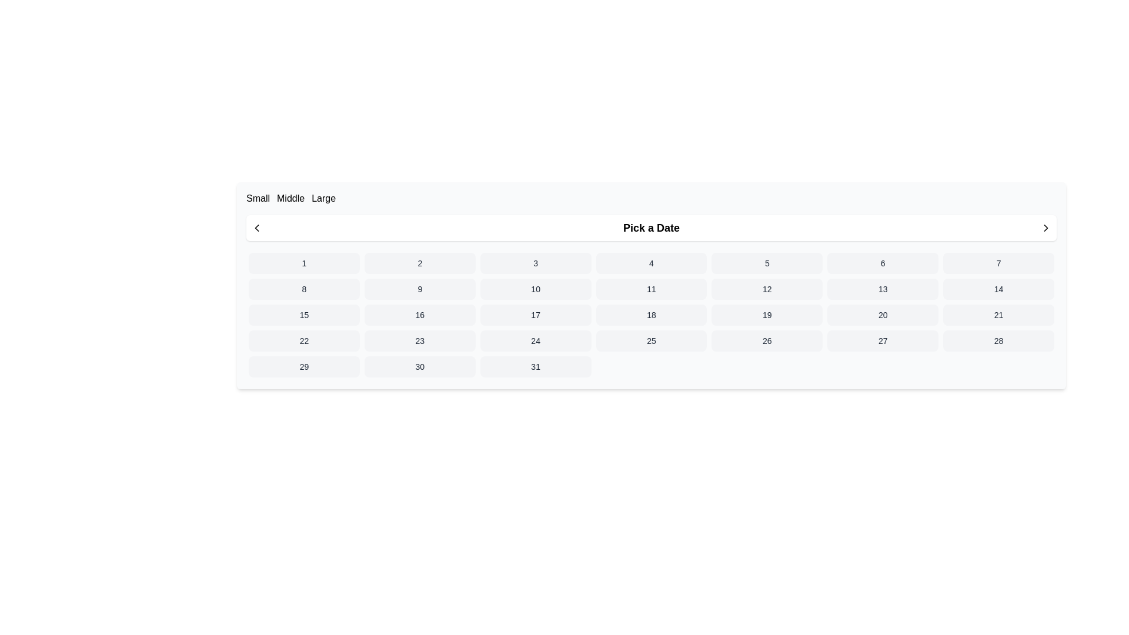 This screenshot has height=635, width=1129. I want to click on the rectangular button displaying the number '3', which is located in the top row and third column of a grid layout, so click(535, 262).